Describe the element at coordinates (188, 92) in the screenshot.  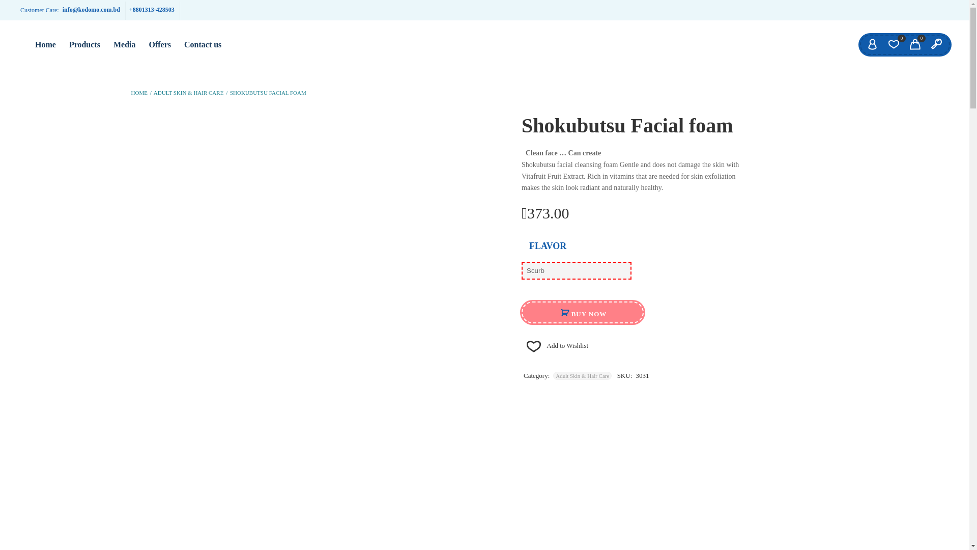
I see `'ADULT SKIN & HAIR CARE'` at that location.